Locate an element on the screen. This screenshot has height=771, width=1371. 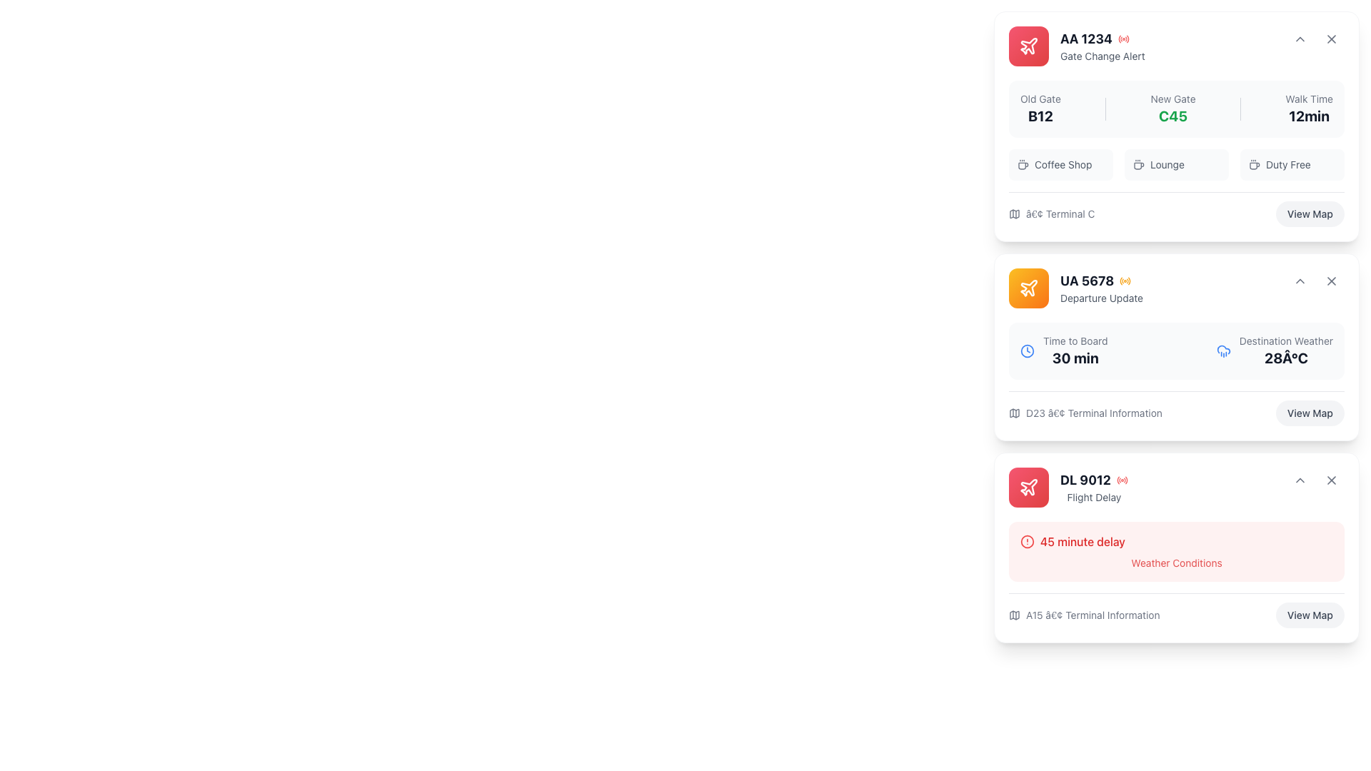
the second vertical separator line that divides the 'Old Gate' labeled 'B12' and 'New Gate' labeled 'C45' in the flight status dashboard is located at coordinates (1105, 109).